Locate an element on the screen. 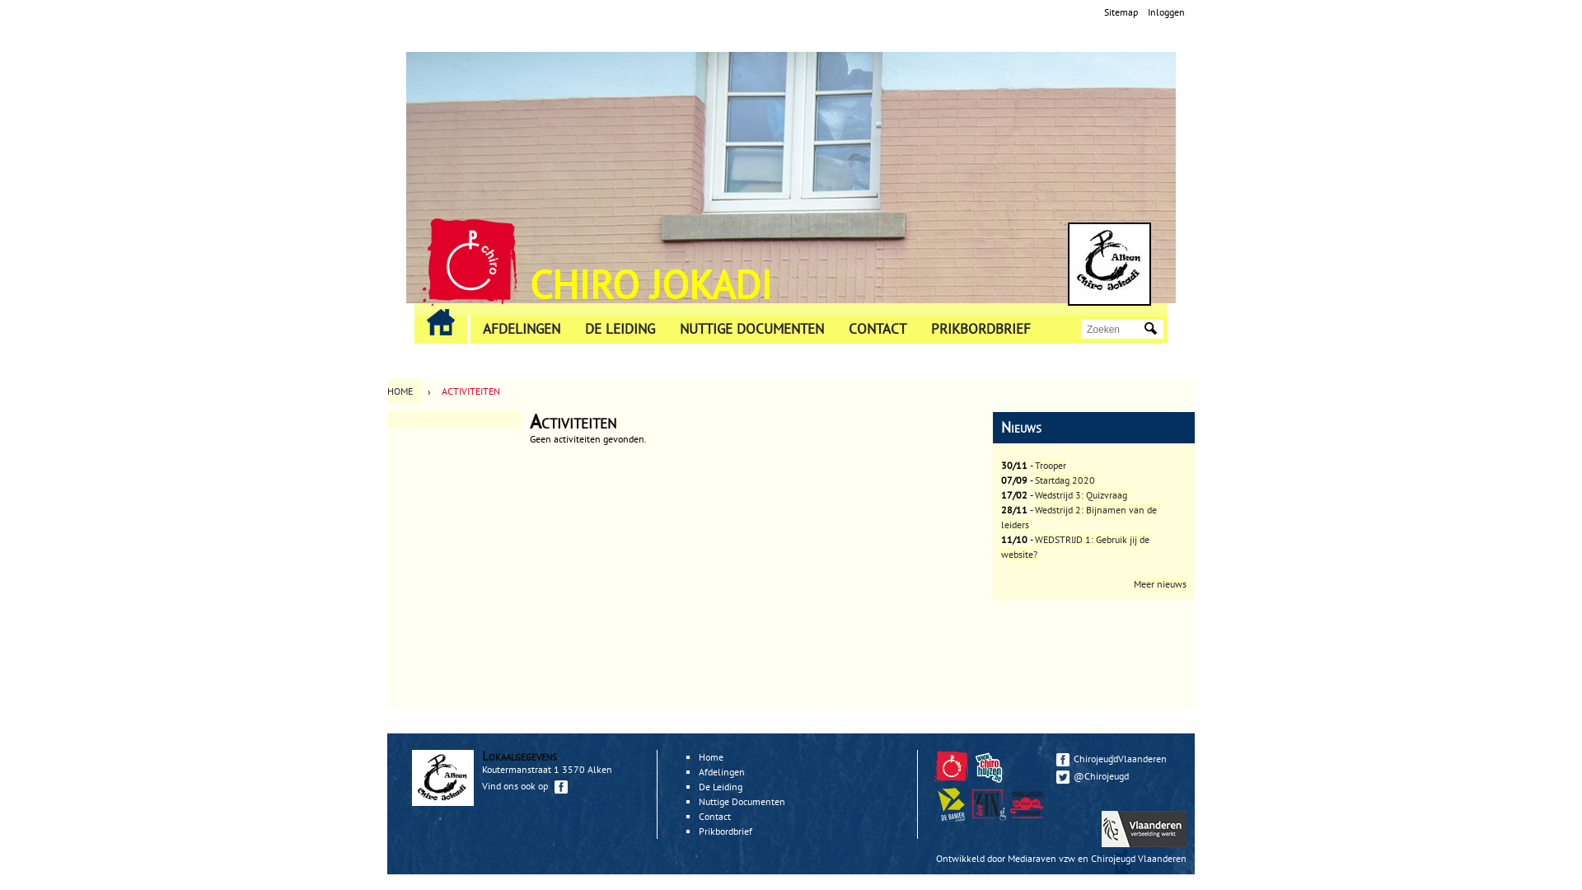 This screenshot has height=890, width=1582. 'CONTACT' is located at coordinates (877, 330).